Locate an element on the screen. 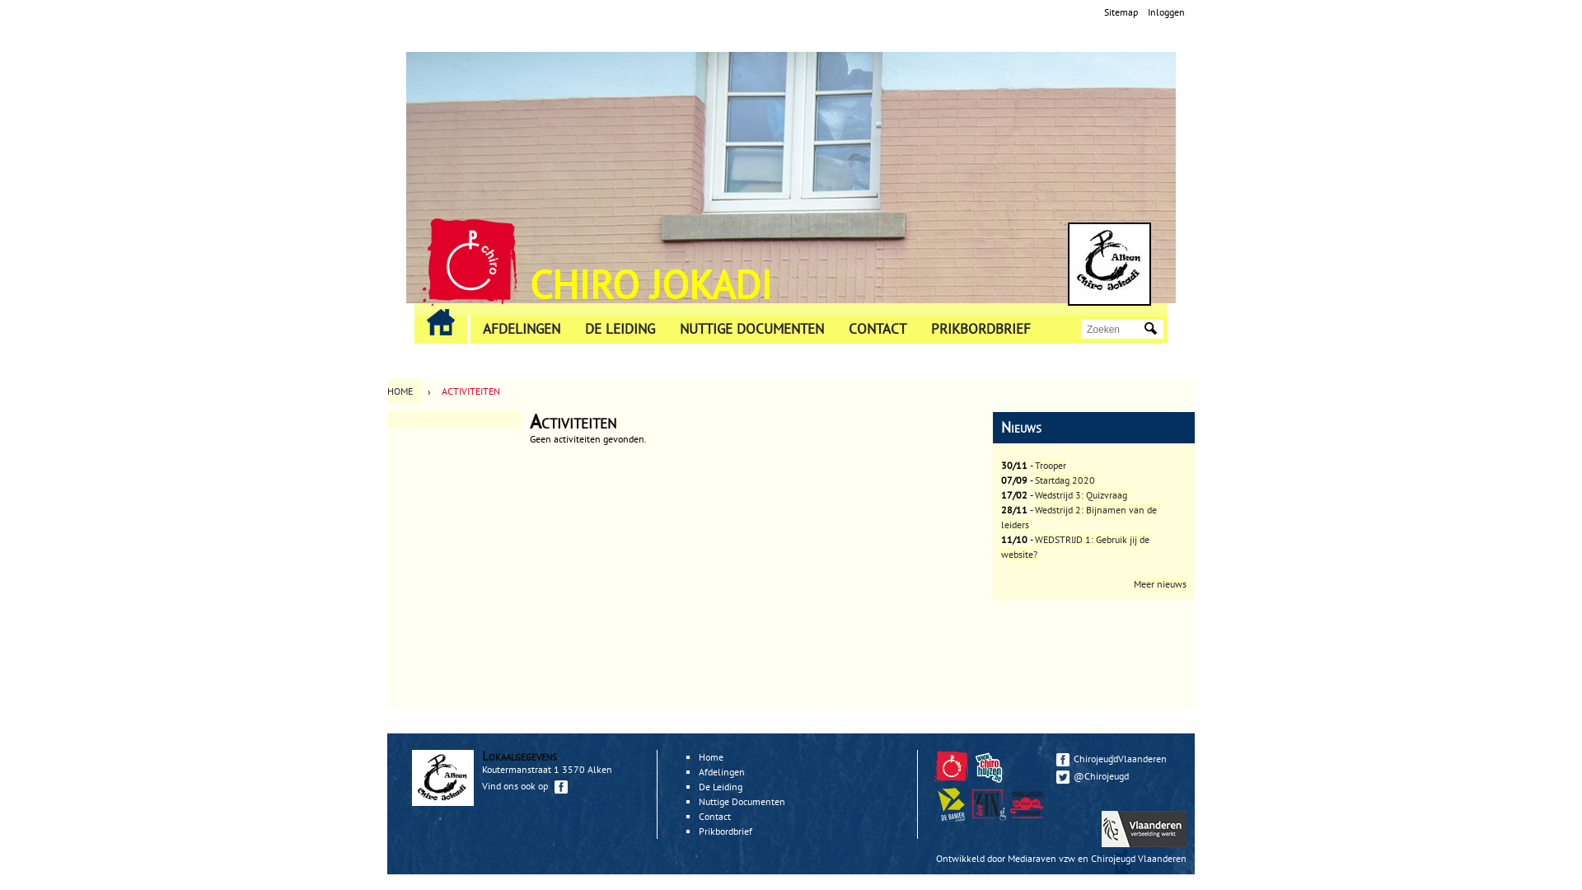 This screenshot has height=890, width=1582. 'CONTACT' is located at coordinates (877, 330).